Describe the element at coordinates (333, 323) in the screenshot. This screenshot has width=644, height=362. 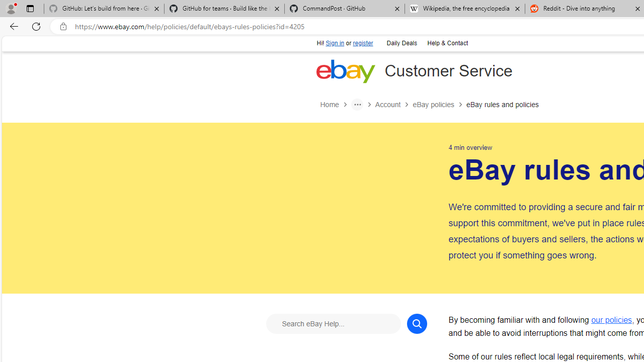
I see `'Search eBay Help...'` at that location.